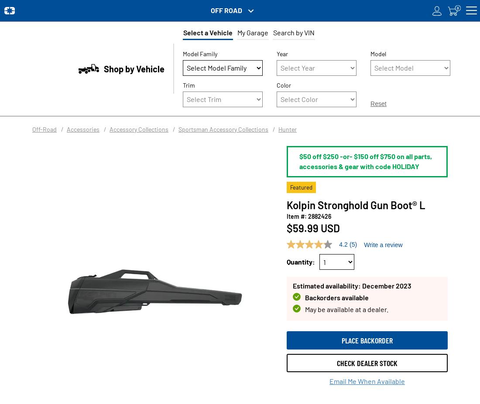 The width and height of the screenshot is (480, 404). Describe the element at coordinates (378, 103) in the screenshot. I see `'Reset'` at that location.